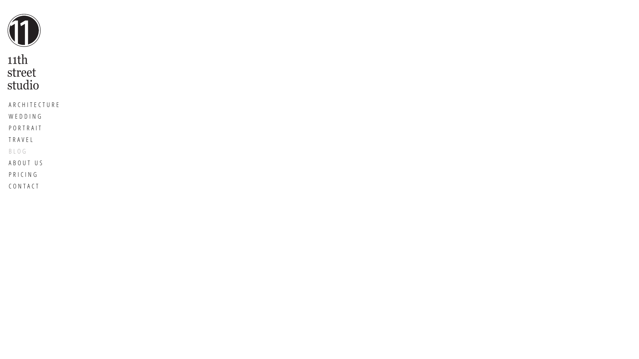 The width and height of the screenshot is (639, 359). Describe the element at coordinates (34, 116) in the screenshot. I see `'WEDDING'` at that location.